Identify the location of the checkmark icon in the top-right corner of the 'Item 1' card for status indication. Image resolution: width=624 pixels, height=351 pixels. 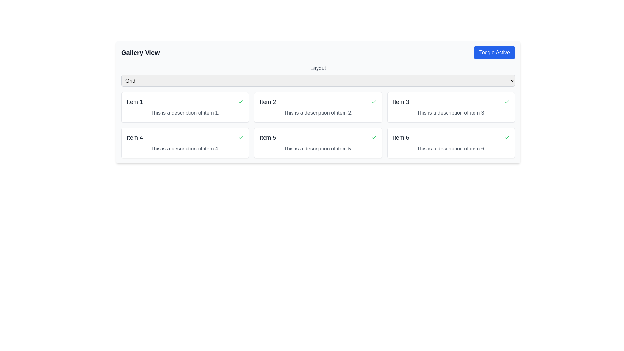
(240, 102).